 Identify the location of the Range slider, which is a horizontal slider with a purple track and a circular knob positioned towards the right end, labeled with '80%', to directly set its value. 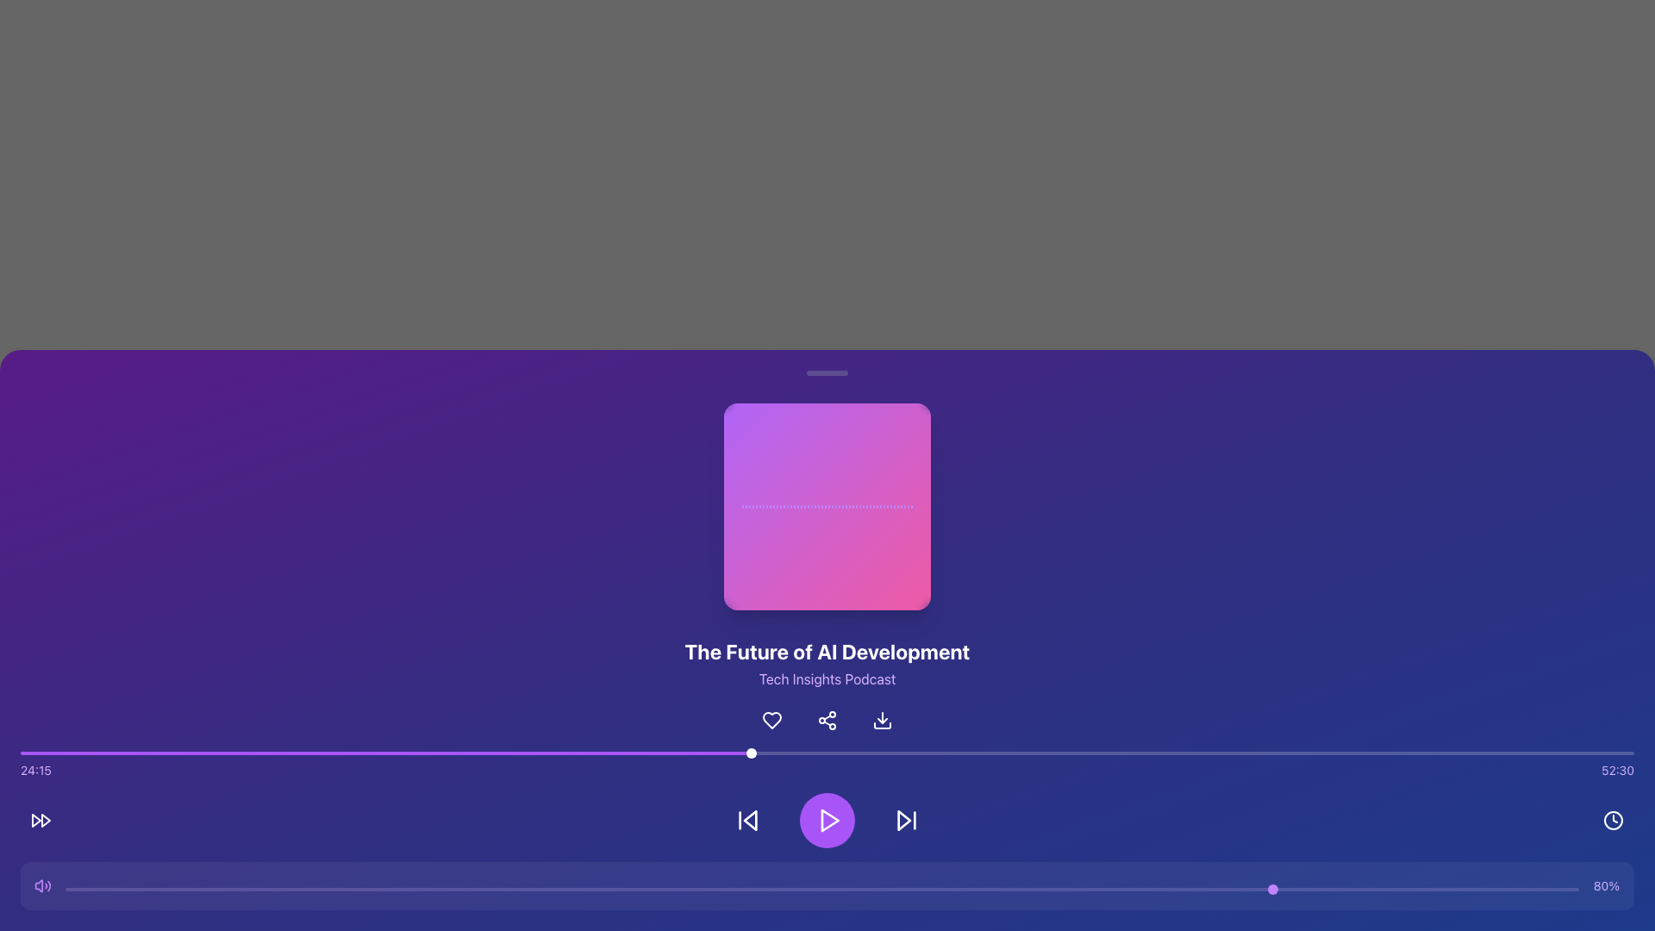
(827, 886).